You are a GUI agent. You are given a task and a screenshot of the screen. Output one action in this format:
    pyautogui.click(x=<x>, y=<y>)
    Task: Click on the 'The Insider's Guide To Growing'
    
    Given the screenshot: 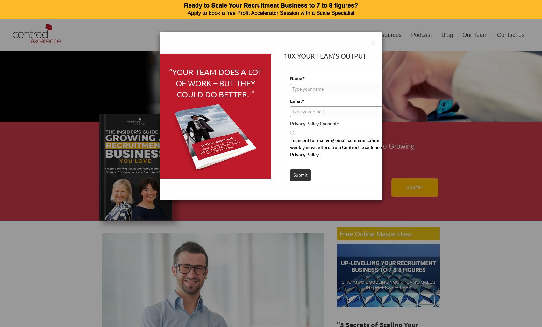 What is the action you would take?
    pyautogui.click(x=366, y=146)
    